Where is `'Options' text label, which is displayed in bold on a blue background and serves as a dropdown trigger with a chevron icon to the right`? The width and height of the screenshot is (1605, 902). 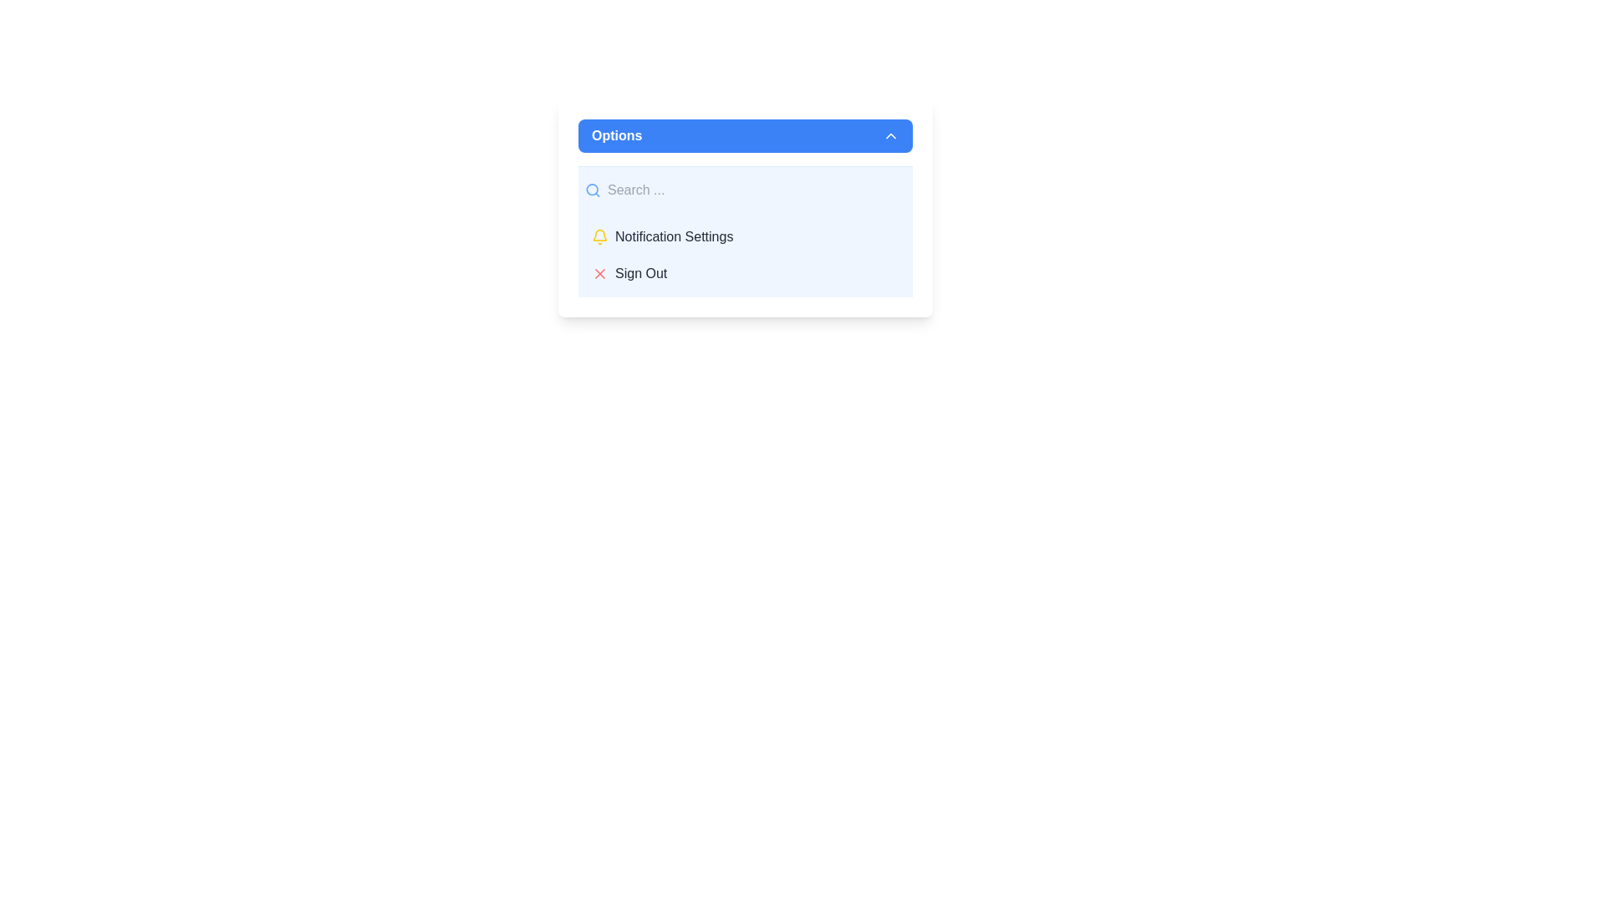 'Options' text label, which is displayed in bold on a blue background and serves as a dropdown trigger with a chevron icon to the right is located at coordinates (616, 134).